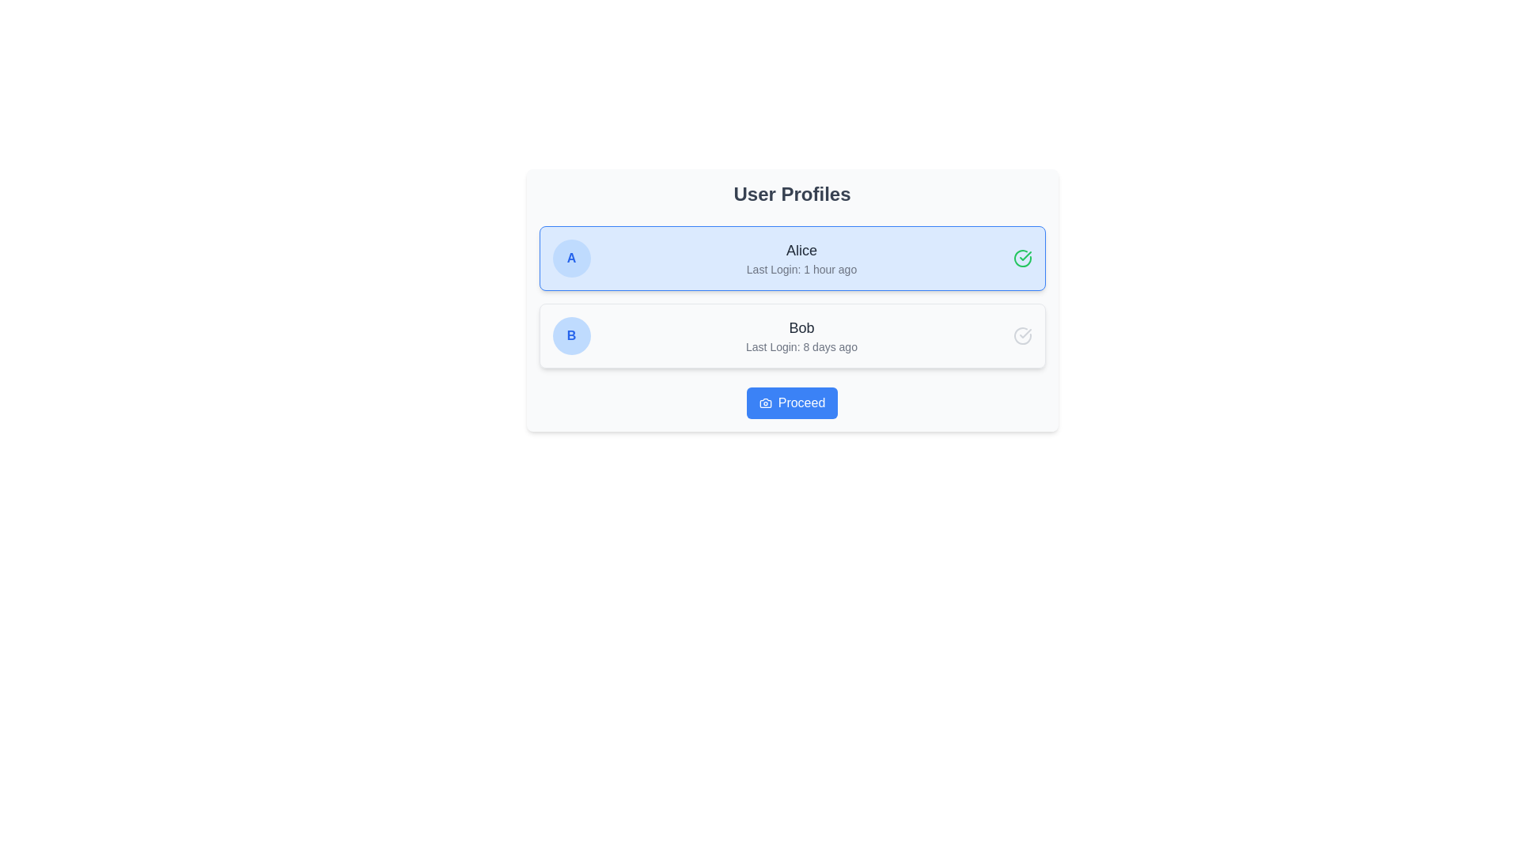  Describe the element at coordinates (570, 258) in the screenshot. I see `the Decorative Badge or Icon featuring a light blue background with a bold blue letter 'A', positioned to the left of the text 'Alice'` at that location.